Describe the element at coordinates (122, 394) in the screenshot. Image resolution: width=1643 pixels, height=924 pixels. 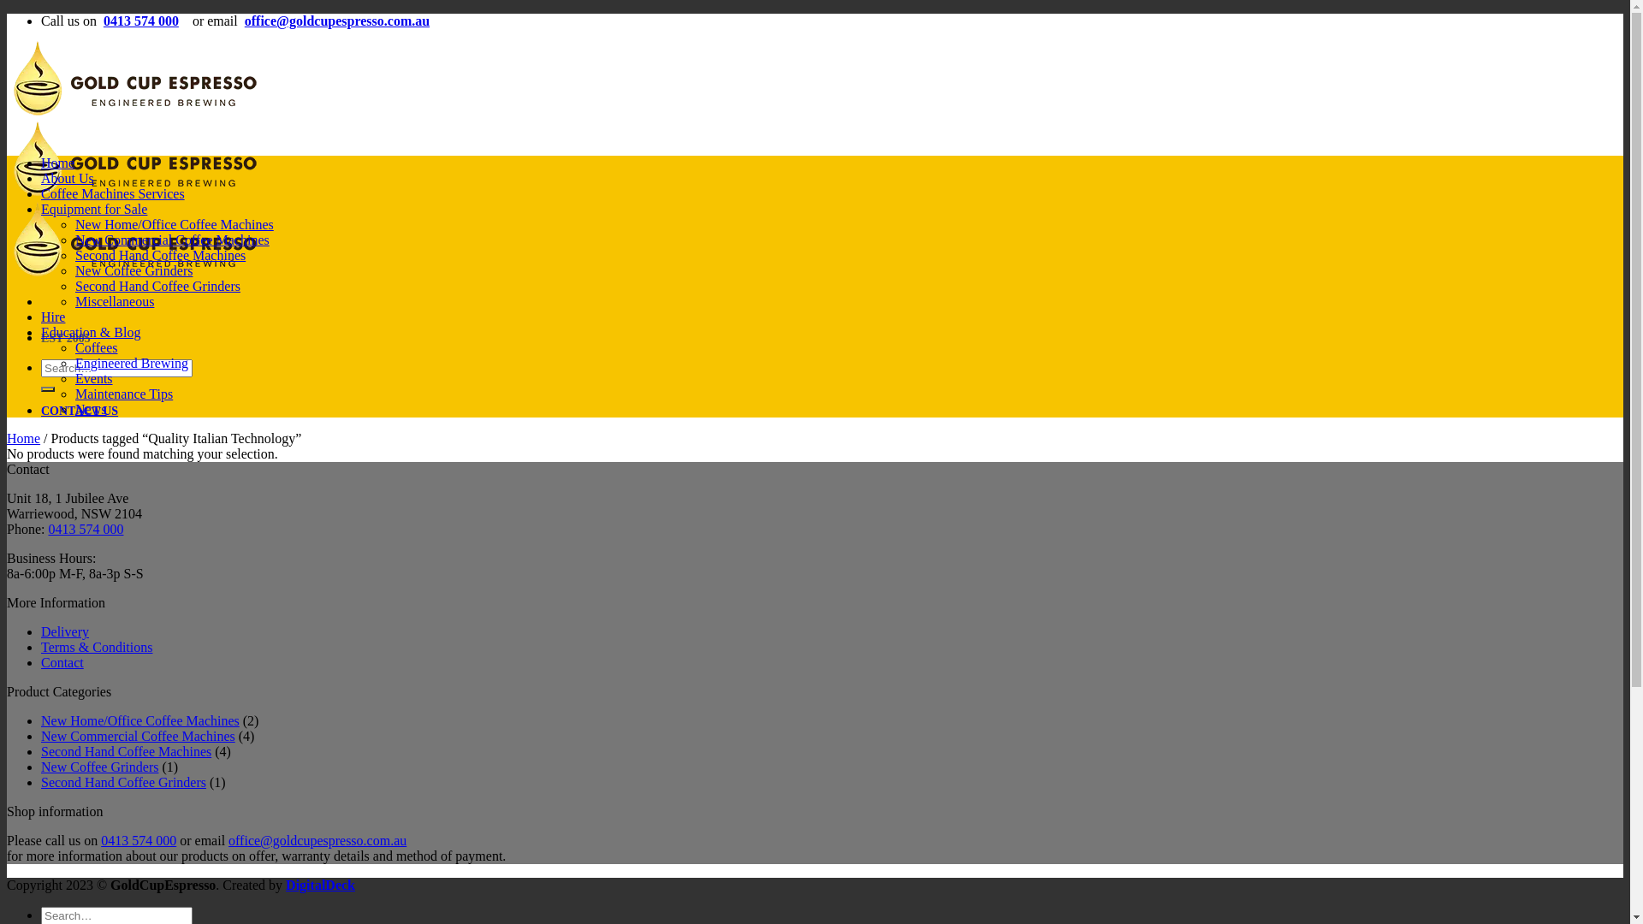
I see `'Maintenance Tips'` at that location.